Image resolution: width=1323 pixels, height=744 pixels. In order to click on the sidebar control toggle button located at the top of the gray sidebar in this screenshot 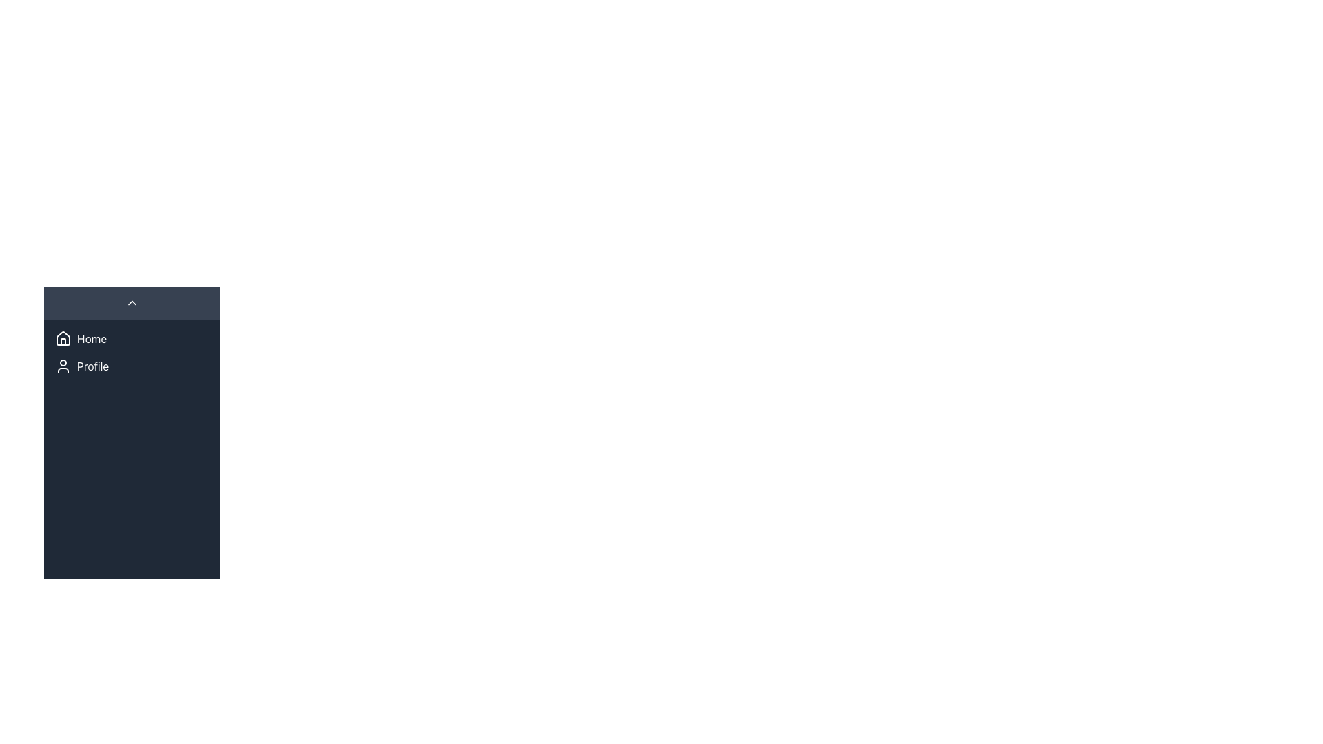, I will do `click(132, 302)`.